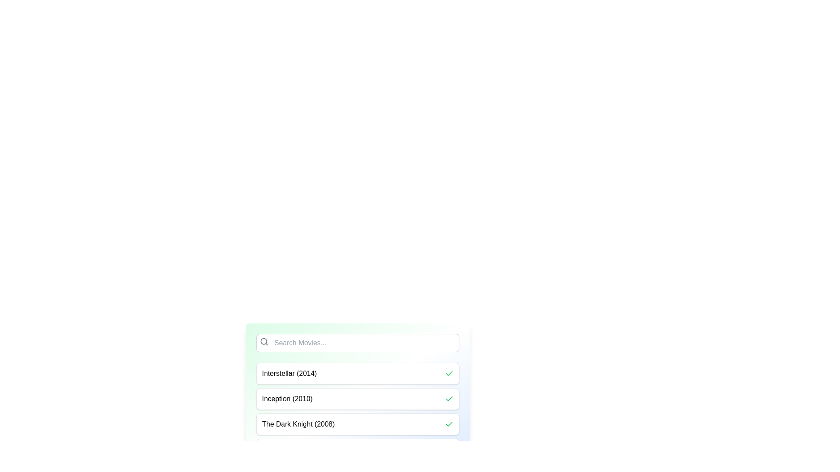  I want to click on the visual confirmation provided by the green checkmark icon indicating selection for the movie 'Inception (2010)' located at the right end of the list item, so click(449, 373).